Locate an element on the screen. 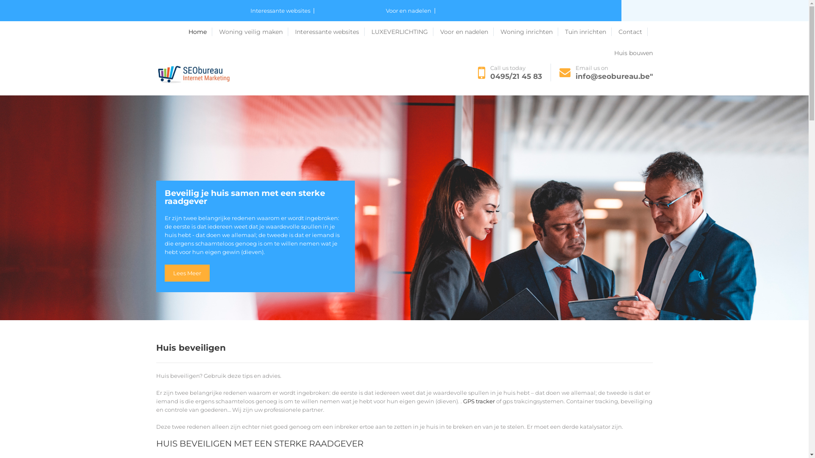 This screenshot has width=815, height=458. 'Voor en nadelen' is located at coordinates (410, 11).